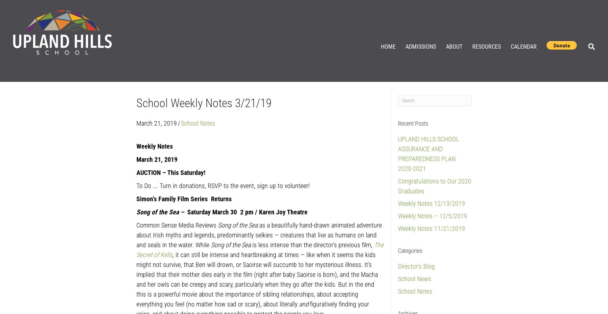 This screenshot has width=608, height=314. Describe the element at coordinates (136, 234) in the screenshot. I see `'as a beautifully hand-drawn animated adventure about Irish myths and legends, predominantly selkies — creatures that live as humans on land and seals in the water. While'` at that location.